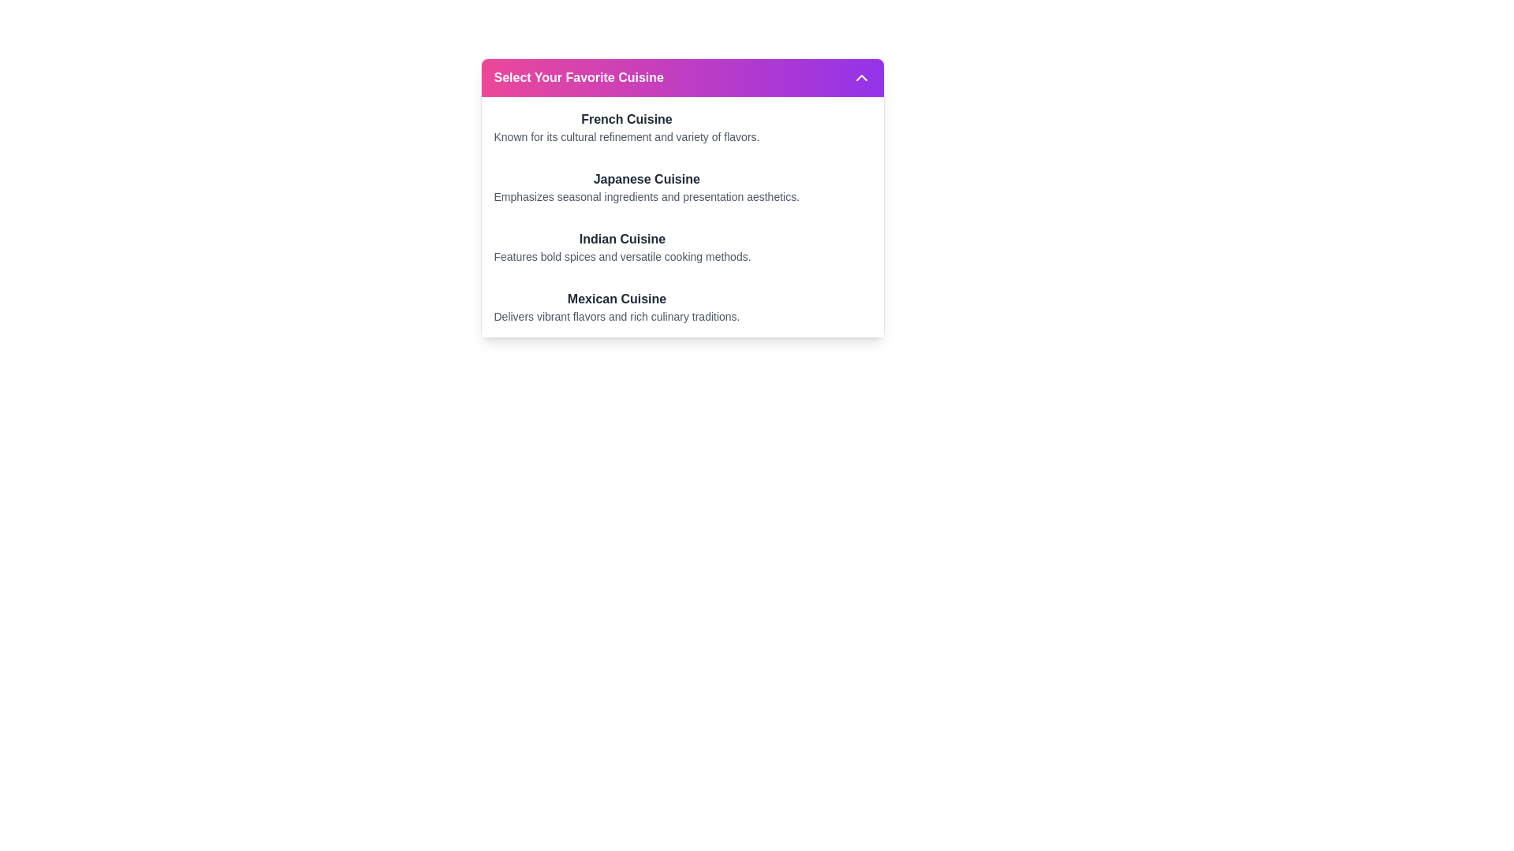  Describe the element at coordinates (616, 307) in the screenshot. I see `information from the text block titled 'Mexican Cuisine', which includes a heading in bold dark gray and a descriptive subtext in lighter gray` at that location.